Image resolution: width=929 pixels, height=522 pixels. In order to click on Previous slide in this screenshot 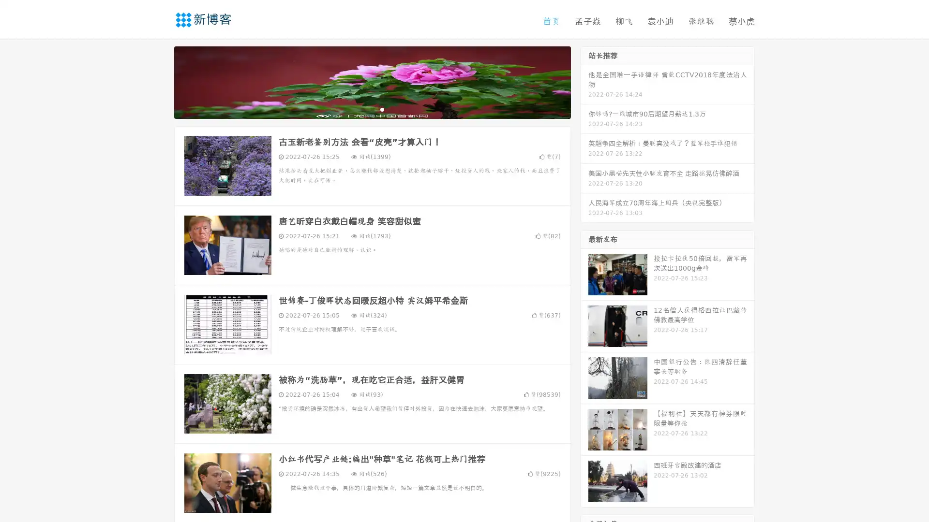, I will do `click(160, 81)`.